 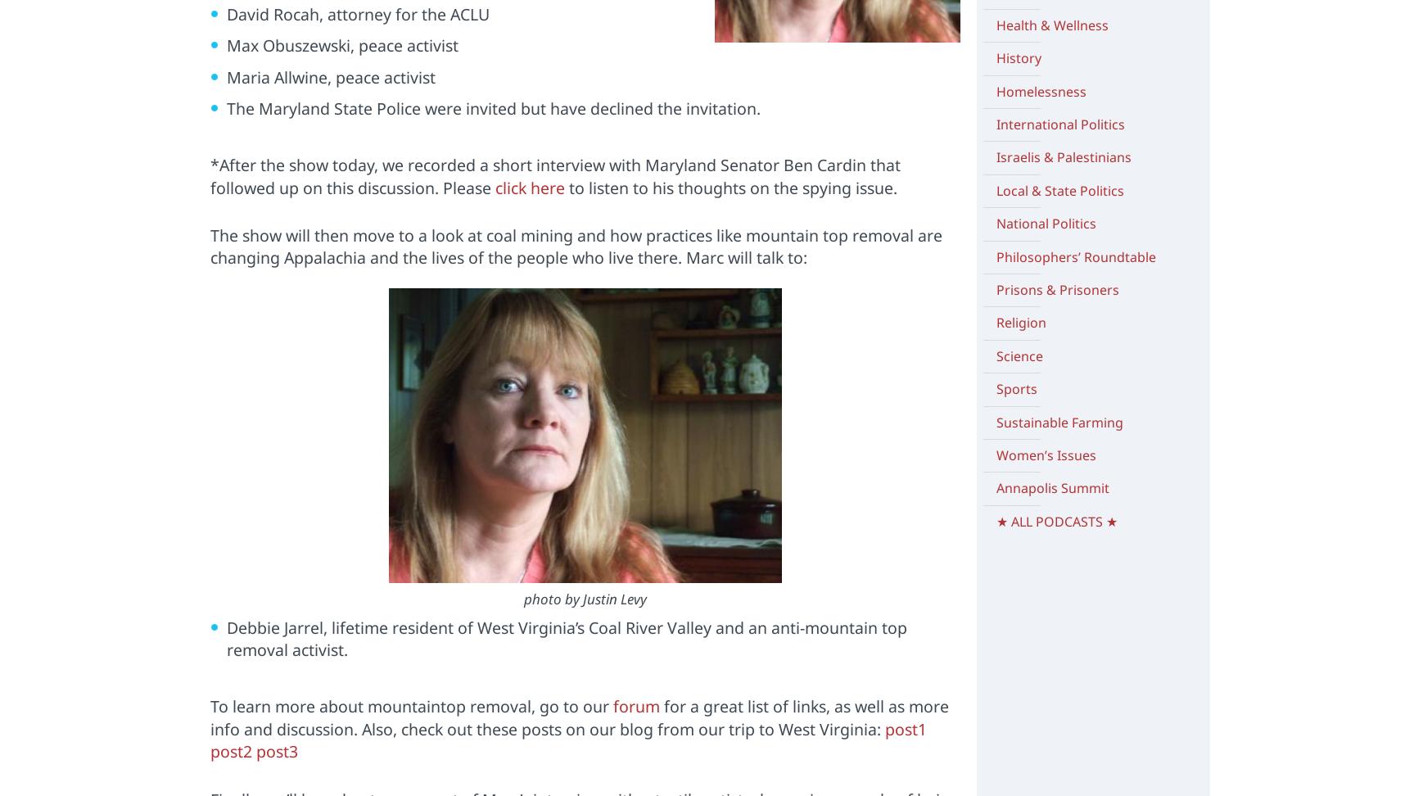 What do you see at coordinates (566, 638) in the screenshot?
I see `'Debbie Jarrel, lifetime resident of West Virginia’s Coal River Valley and an anti-mountain top removal activist.'` at bounding box center [566, 638].